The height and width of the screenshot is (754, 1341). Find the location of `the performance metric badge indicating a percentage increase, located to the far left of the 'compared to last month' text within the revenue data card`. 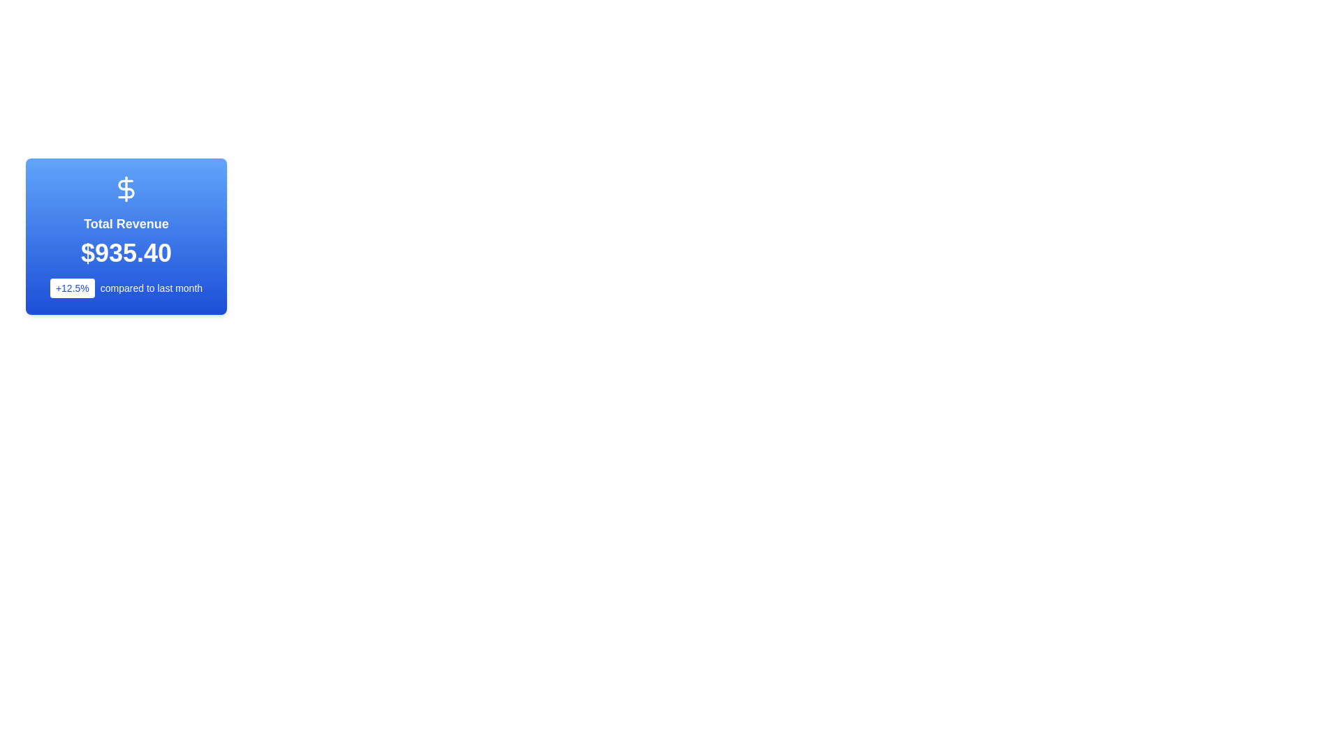

the performance metric badge indicating a percentage increase, located to the far left of the 'compared to last month' text within the revenue data card is located at coordinates (71, 287).